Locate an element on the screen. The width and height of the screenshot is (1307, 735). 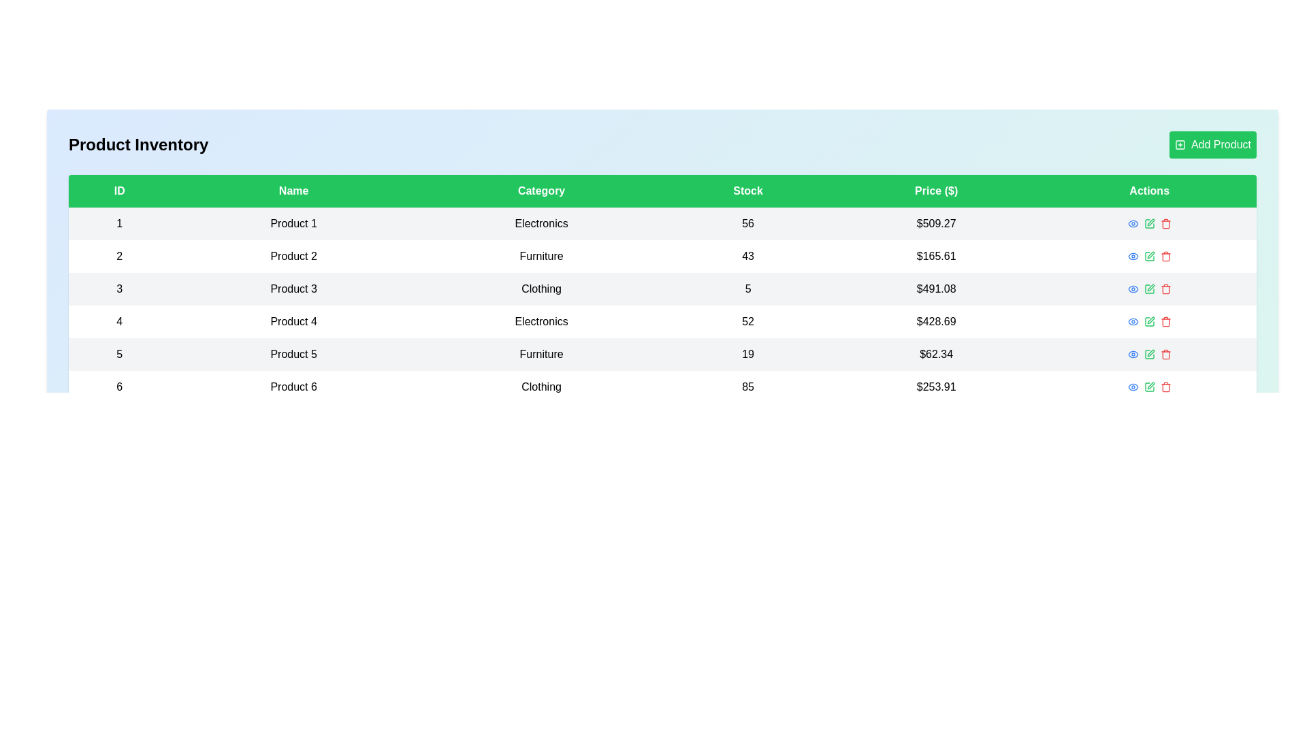
delete button for the product with ID 3 is located at coordinates (1165, 288).